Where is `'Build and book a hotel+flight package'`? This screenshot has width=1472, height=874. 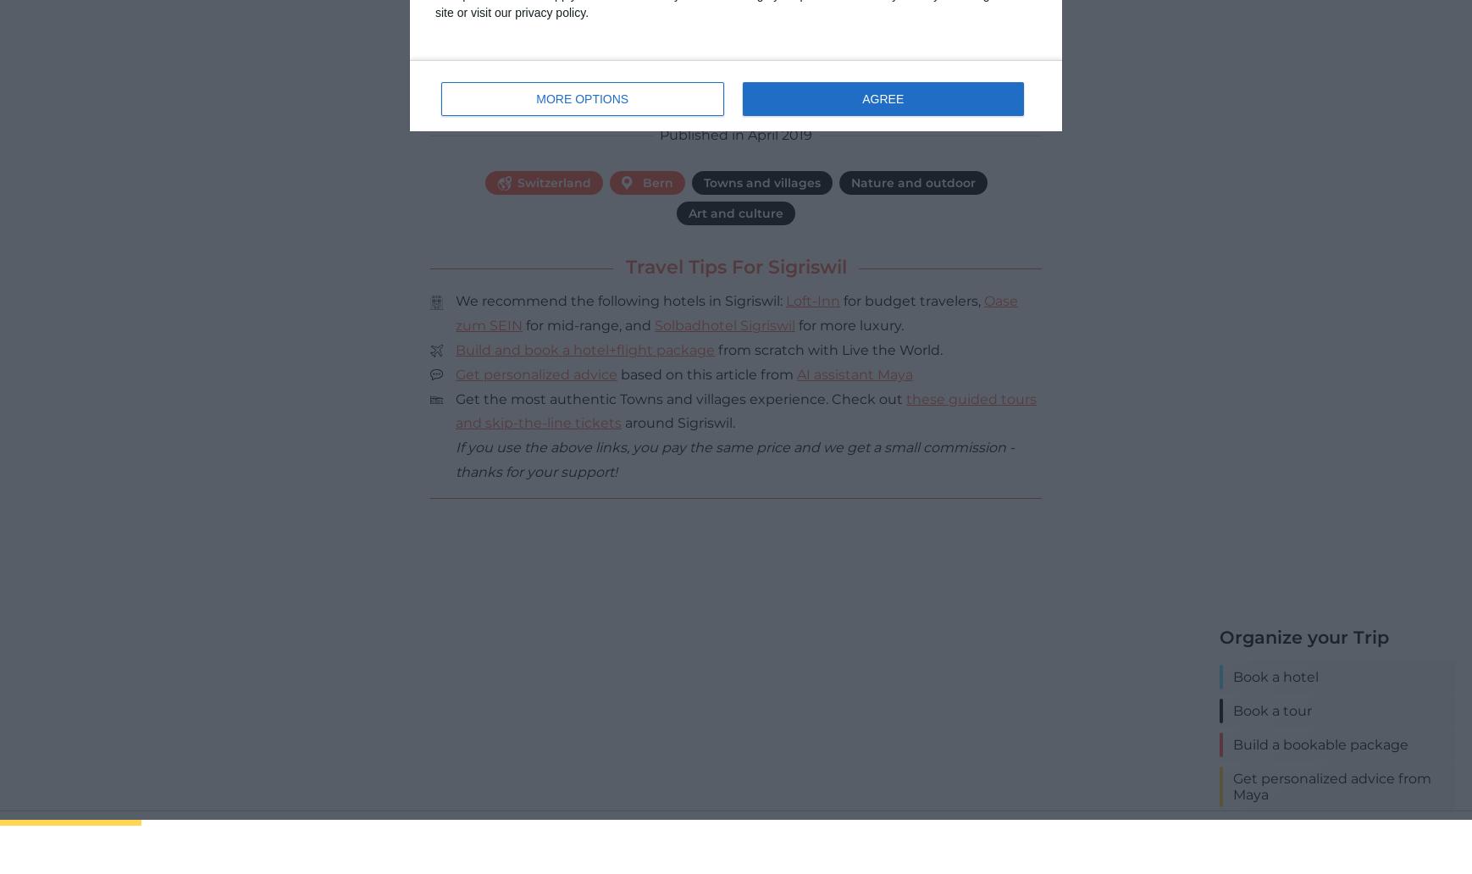 'Build and book a hotel+flight package' is located at coordinates (585, 348).